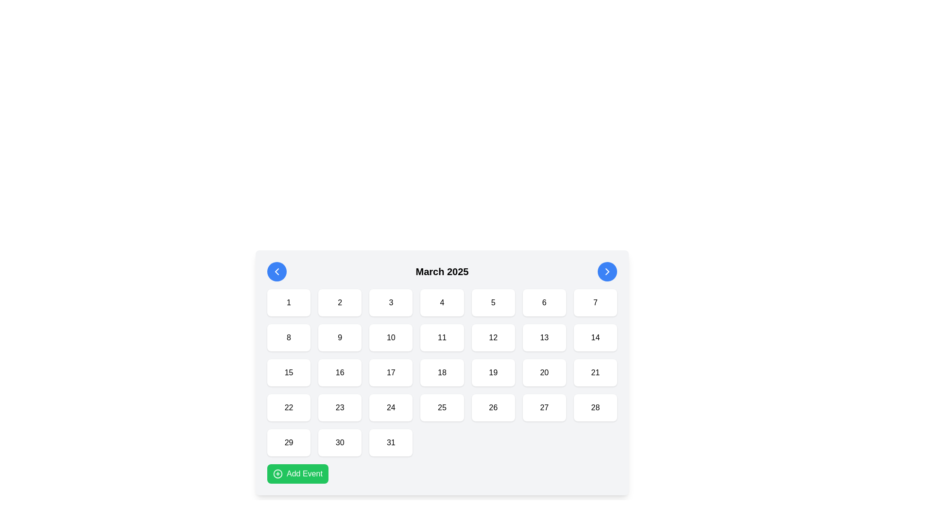 This screenshot has width=933, height=525. What do you see at coordinates (544, 337) in the screenshot?
I see `the calendar button representing the 13th day of the month` at bounding box center [544, 337].